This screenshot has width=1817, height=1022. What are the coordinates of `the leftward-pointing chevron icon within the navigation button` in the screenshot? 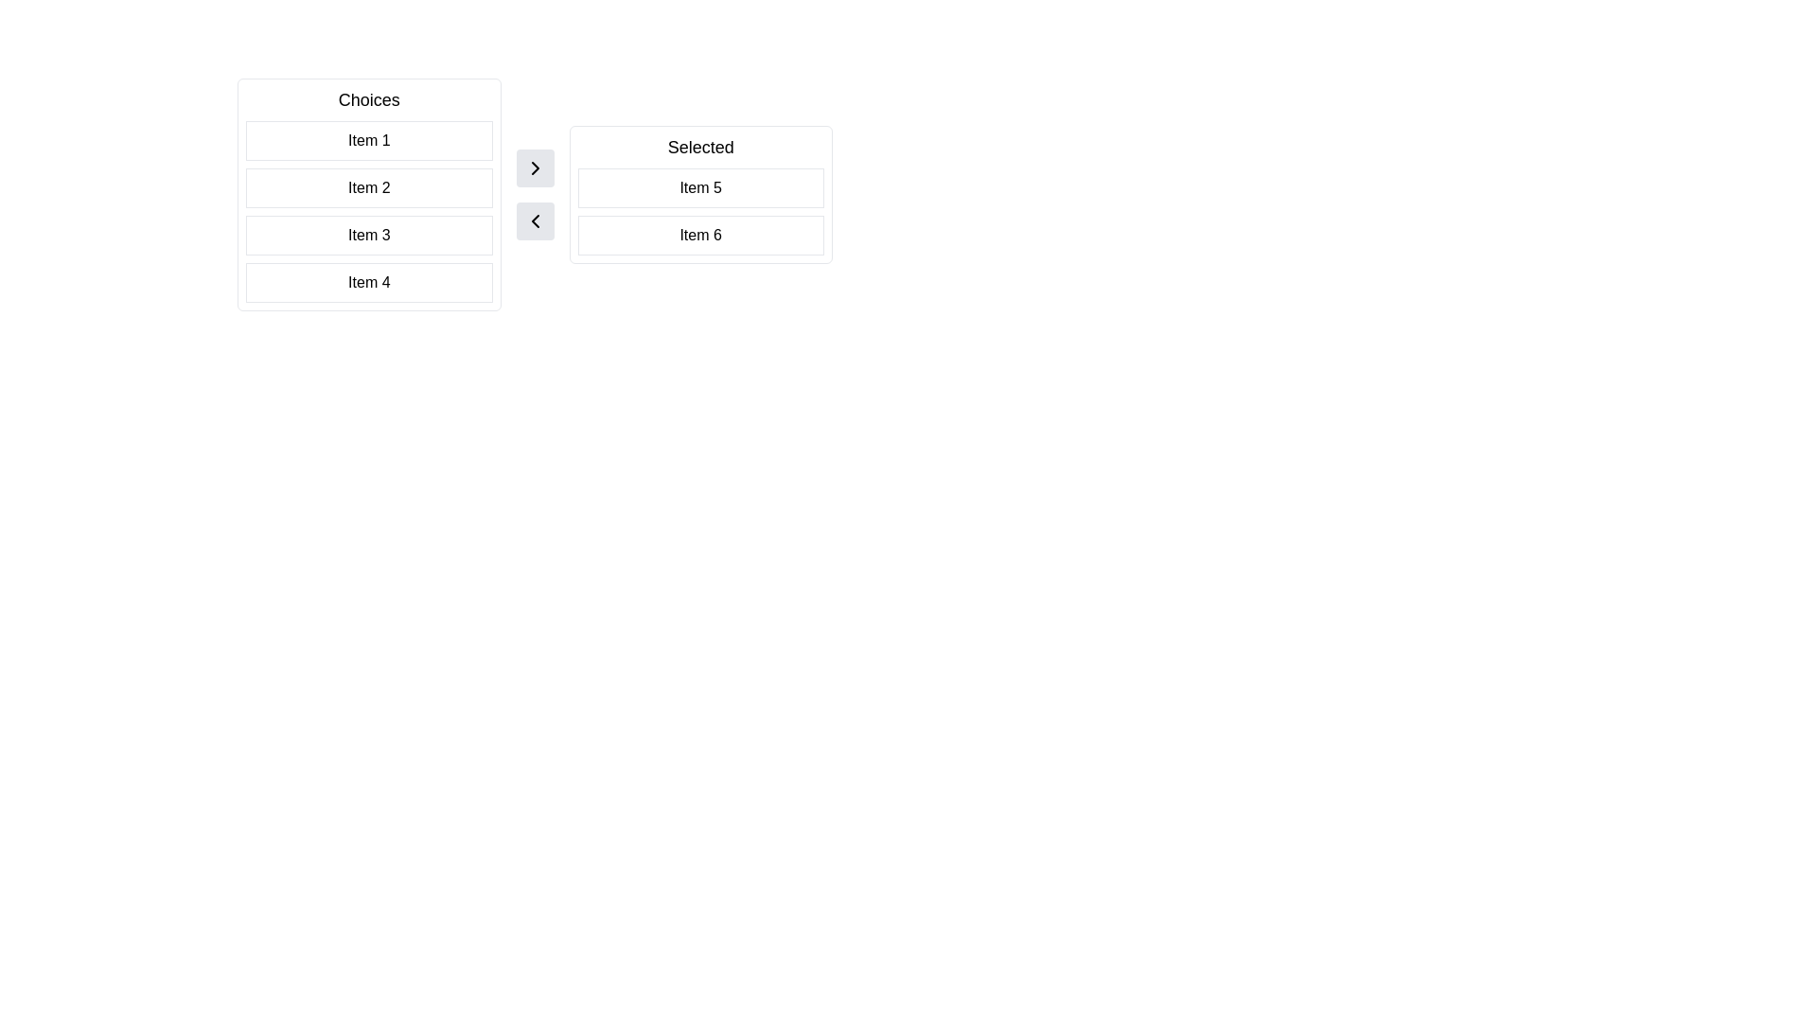 It's located at (534, 220).